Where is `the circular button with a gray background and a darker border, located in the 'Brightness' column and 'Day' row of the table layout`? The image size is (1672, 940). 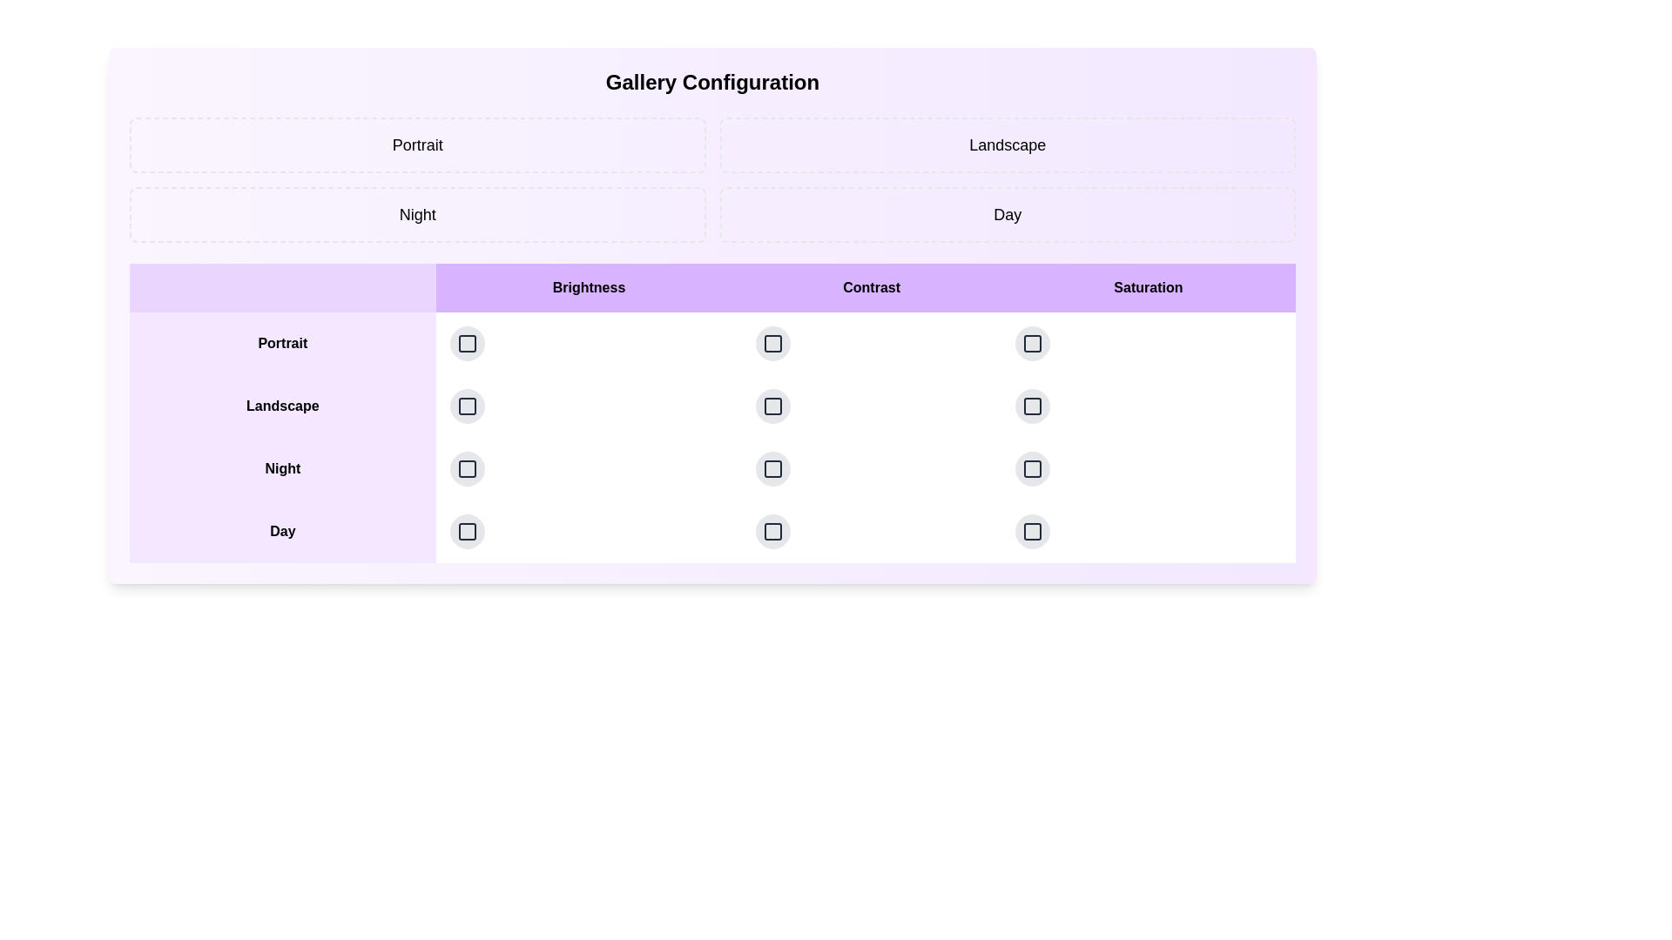
the circular button with a gray background and a darker border, located in the 'Brightness' column and 'Day' row of the table layout is located at coordinates (467, 530).